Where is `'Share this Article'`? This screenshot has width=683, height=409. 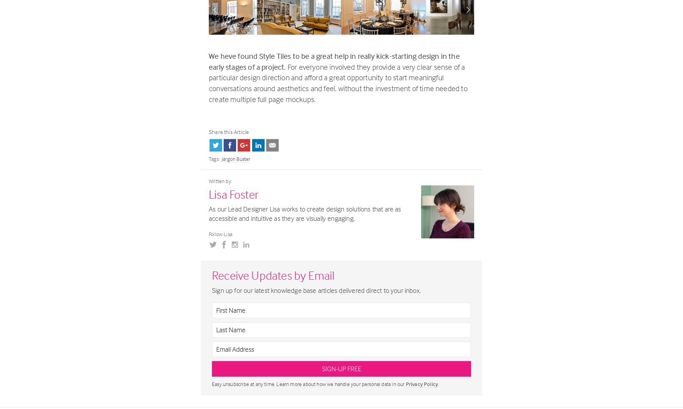
'Share this Article' is located at coordinates (229, 131).